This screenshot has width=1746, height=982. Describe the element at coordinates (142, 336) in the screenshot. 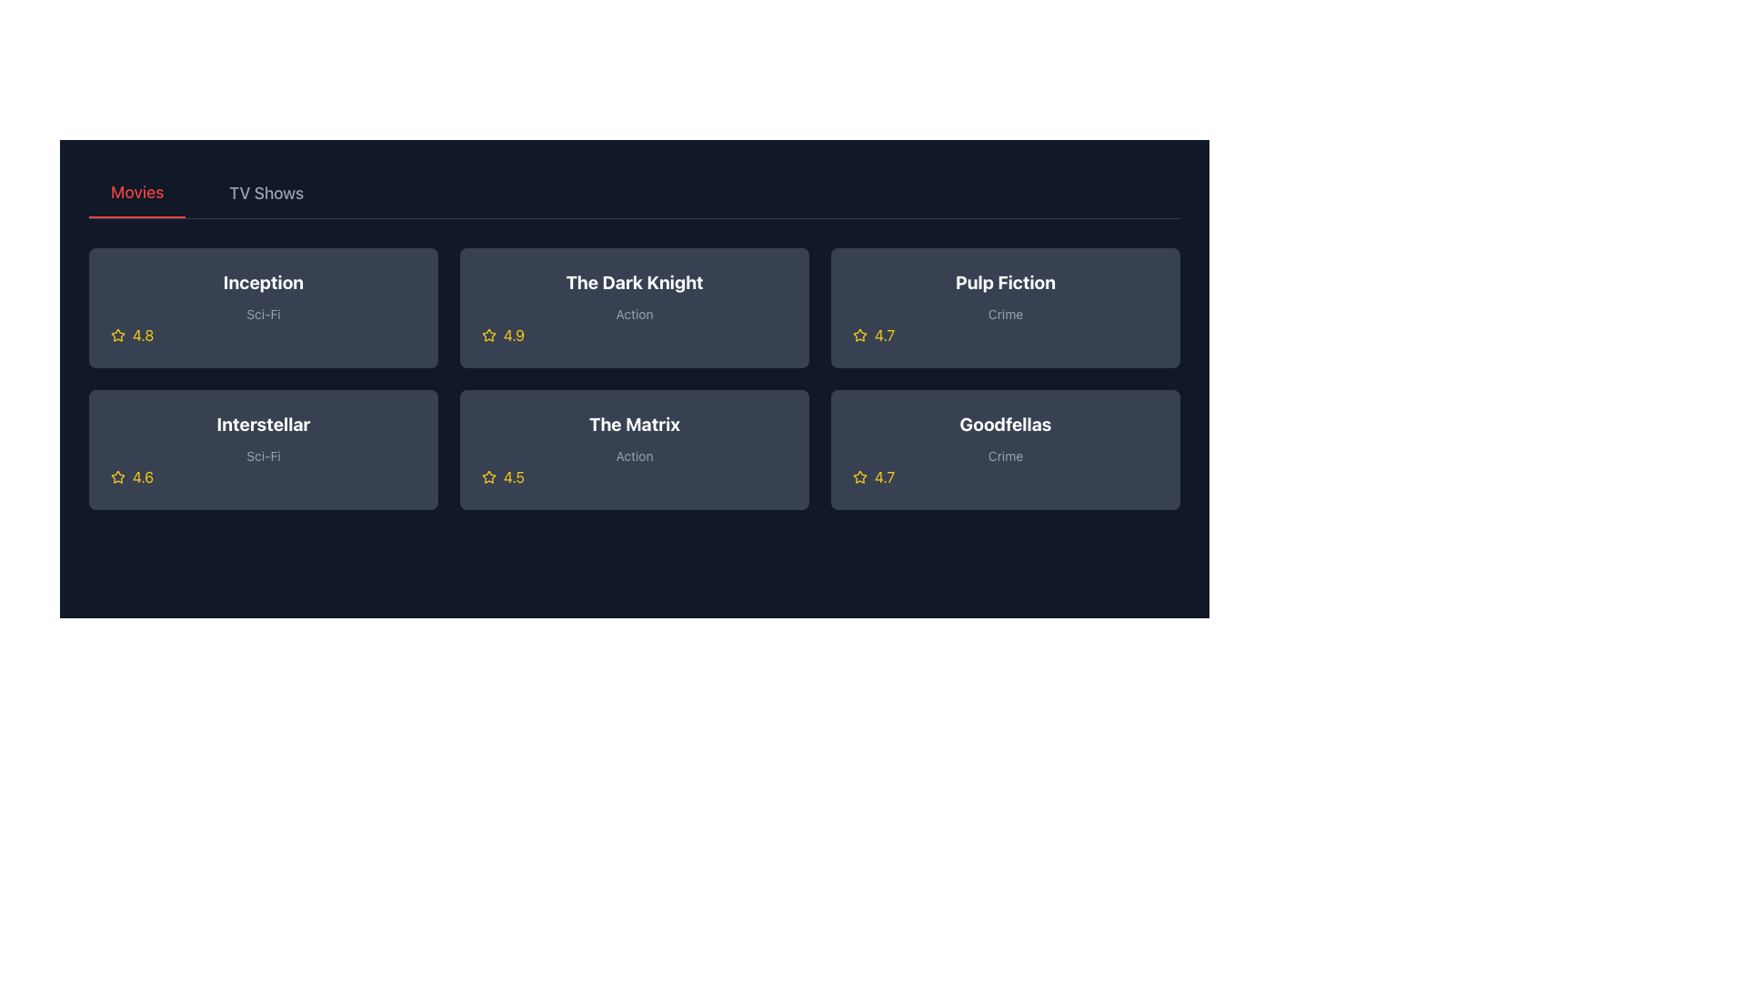

I see `rating value displayed as '4.8' in yellow text next to the star icon for the movie 'Inception'` at that location.